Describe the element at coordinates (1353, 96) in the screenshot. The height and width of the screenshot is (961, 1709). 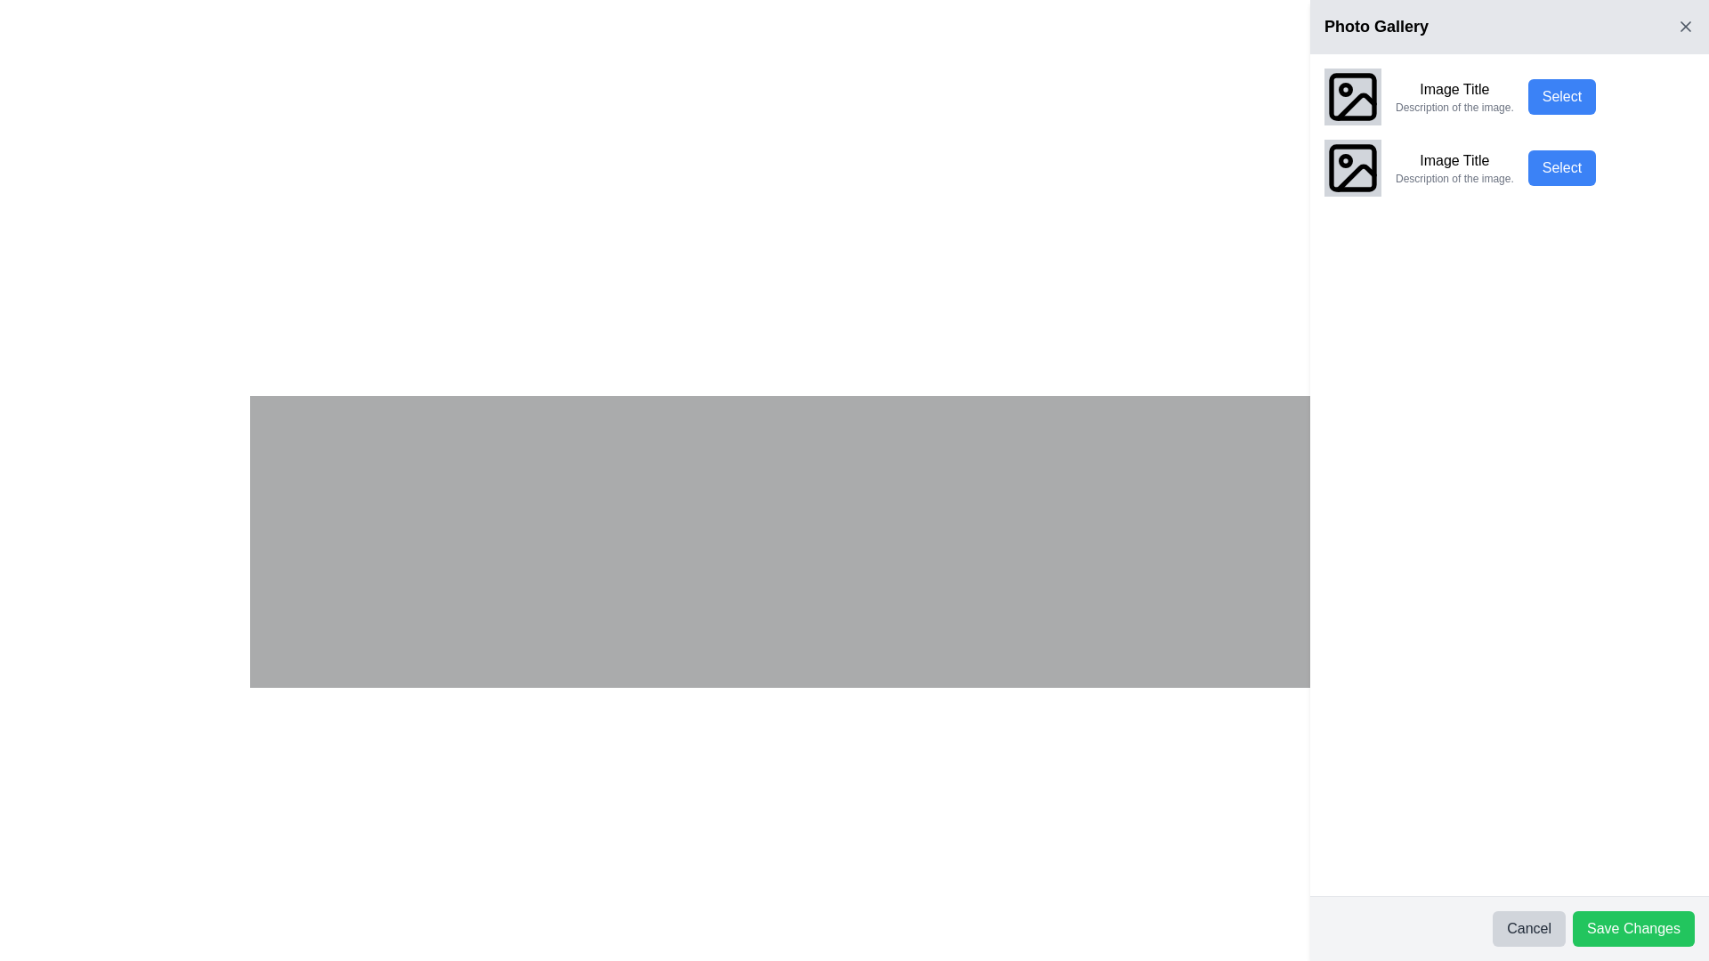
I see `the image placeholder icon, which is a square outline with rounded corners and a circular shape at the top-left, located` at that location.